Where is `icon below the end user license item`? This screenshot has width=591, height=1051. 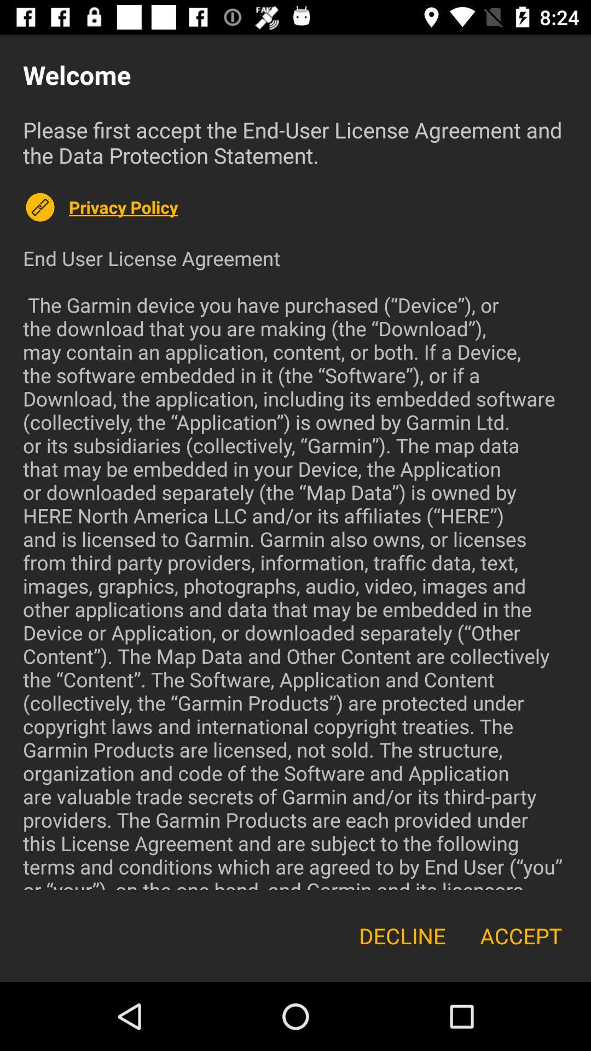
icon below the end user license item is located at coordinates (402, 935).